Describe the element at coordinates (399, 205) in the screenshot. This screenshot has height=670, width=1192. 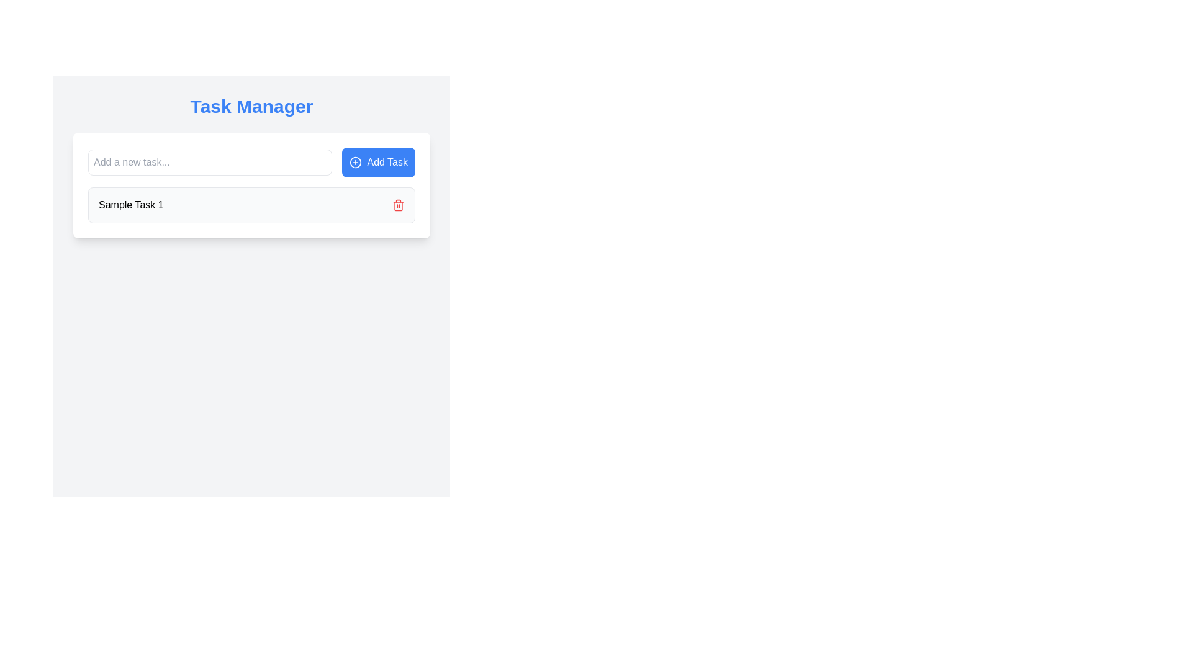
I see `the red-colored trash bin icon button for keyboard accessibility` at that location.